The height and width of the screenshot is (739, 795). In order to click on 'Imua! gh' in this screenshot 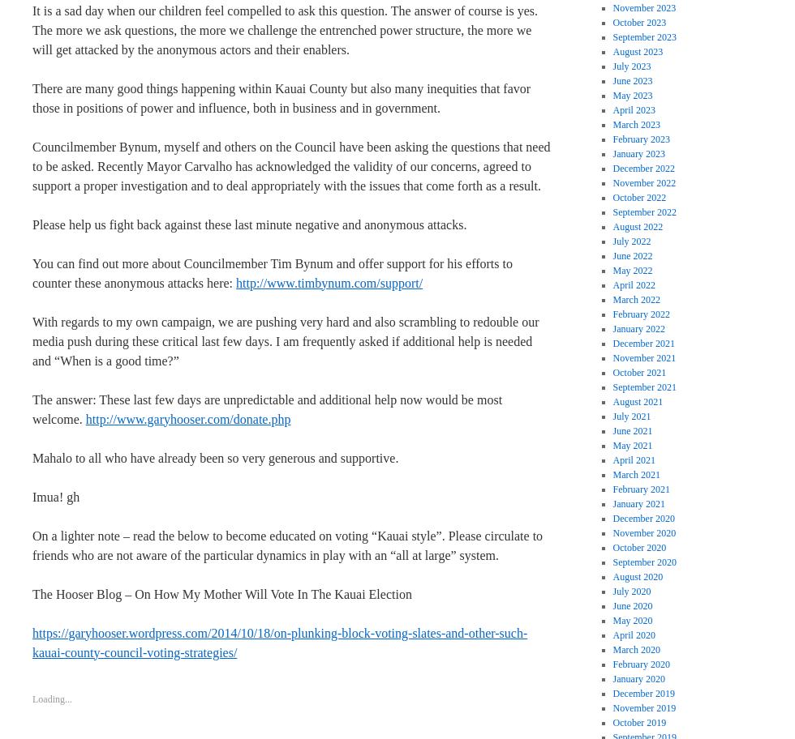, I will do `click(55, 496)`.